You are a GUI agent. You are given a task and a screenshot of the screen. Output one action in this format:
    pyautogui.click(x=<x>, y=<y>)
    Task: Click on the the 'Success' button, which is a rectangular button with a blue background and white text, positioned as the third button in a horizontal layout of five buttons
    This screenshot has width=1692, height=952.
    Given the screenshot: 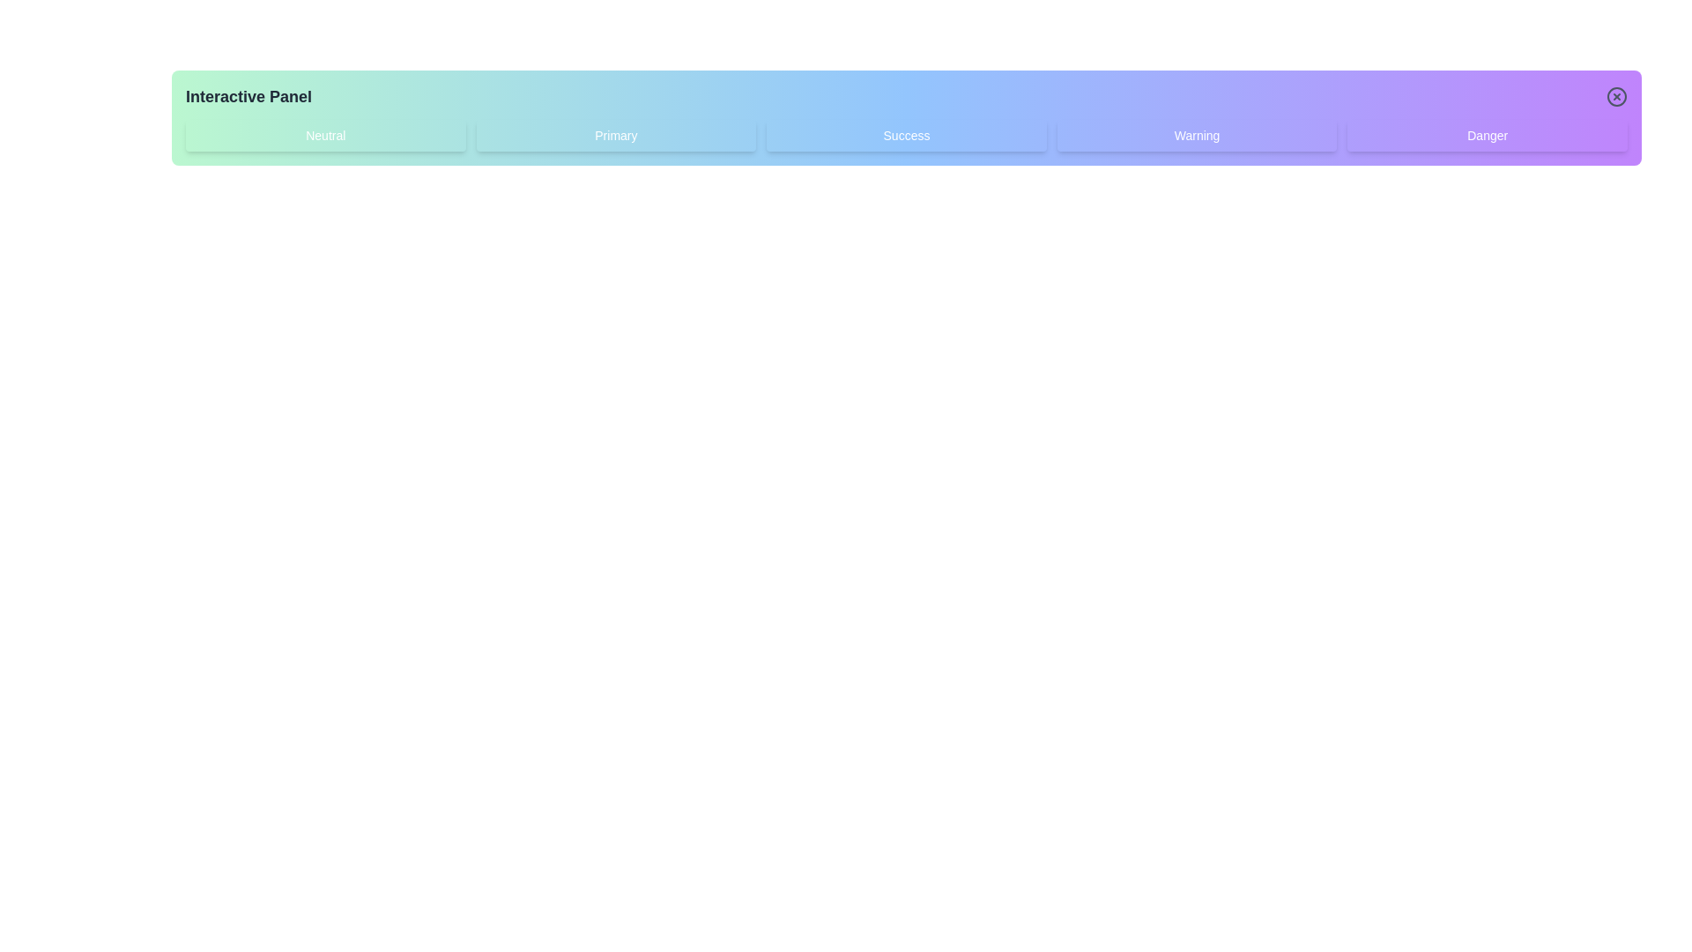 What is the action you would take?
    pyautogui.click(x=906, y=135)
    